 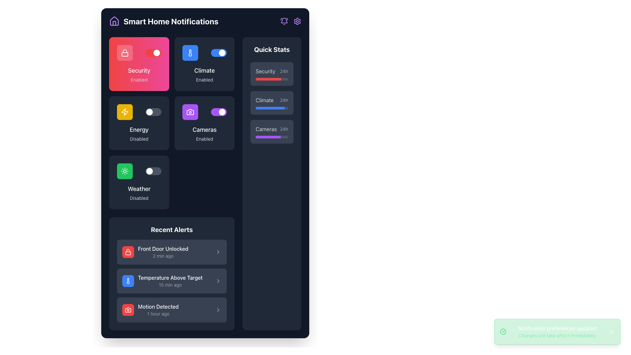 What do you see at coordinates (125, 53) in the screenshot?
I see `the 'Security' icon located in the top-left segment of the dashboard interface` at bounding box center [125, 53].